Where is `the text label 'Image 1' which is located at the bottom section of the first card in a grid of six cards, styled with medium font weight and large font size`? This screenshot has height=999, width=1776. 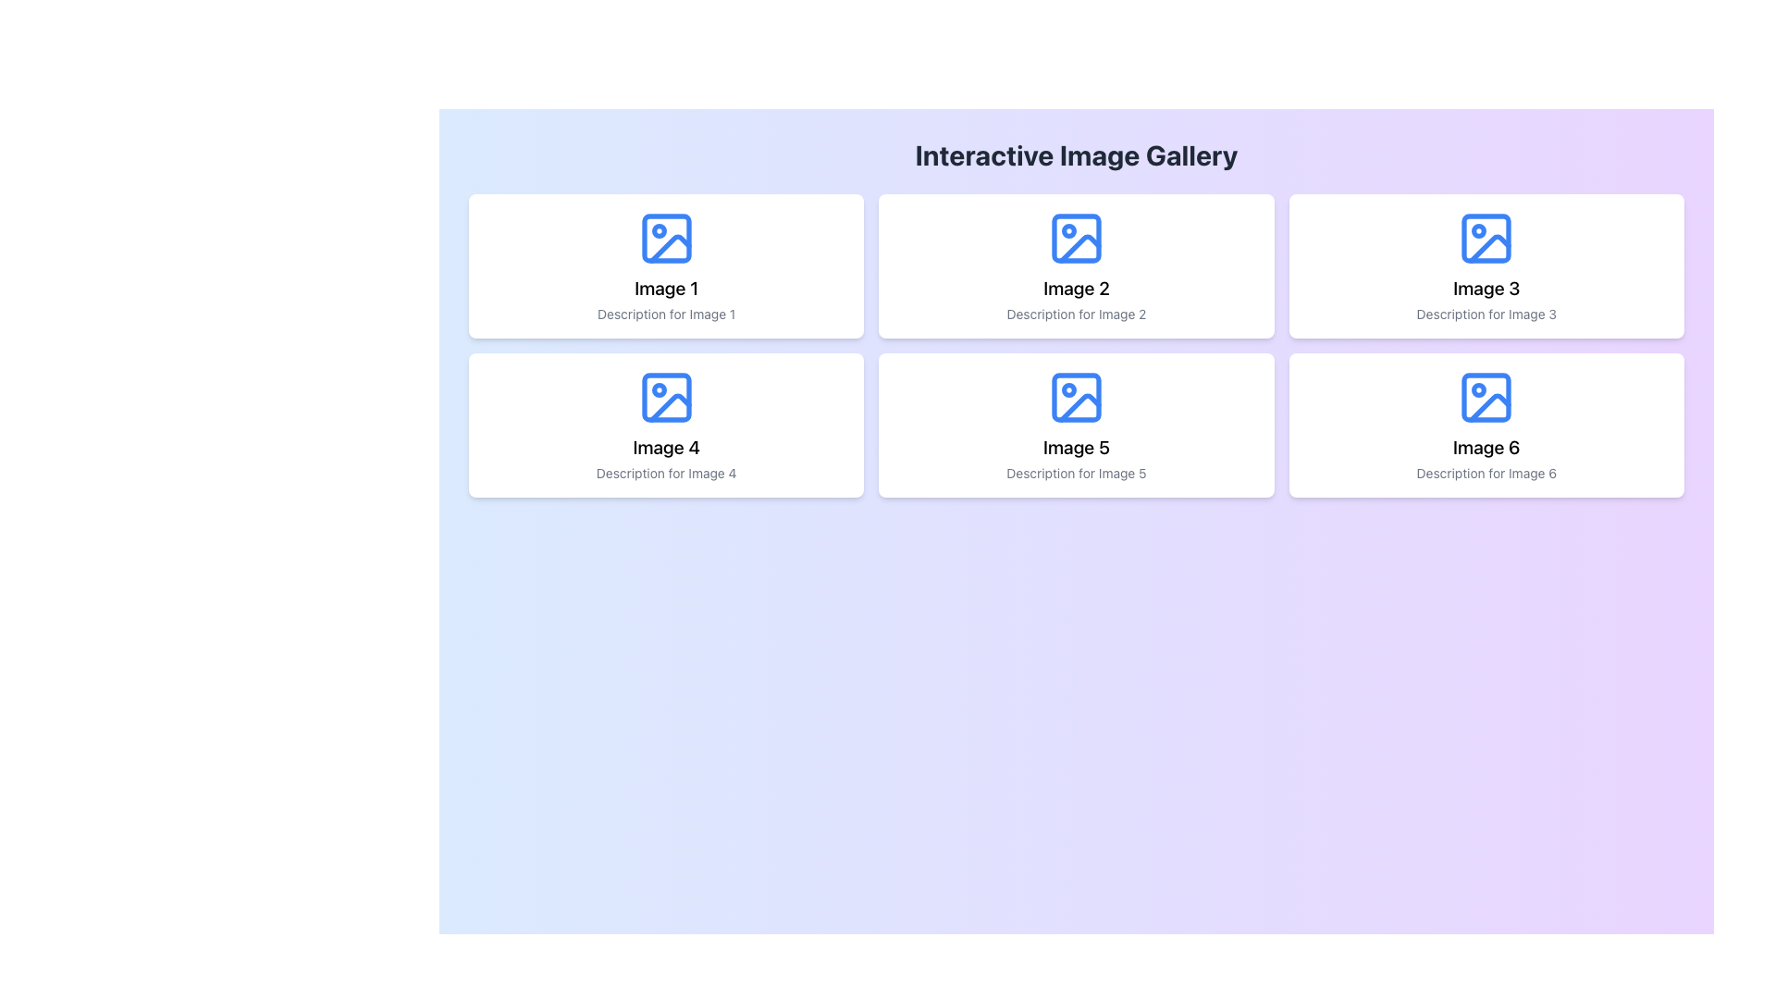
the text label 'Image 1' which is located at the bottom section of the first card in a grid of six cards, styled with medium font weight and large font size is located at coordinates (666, 289).